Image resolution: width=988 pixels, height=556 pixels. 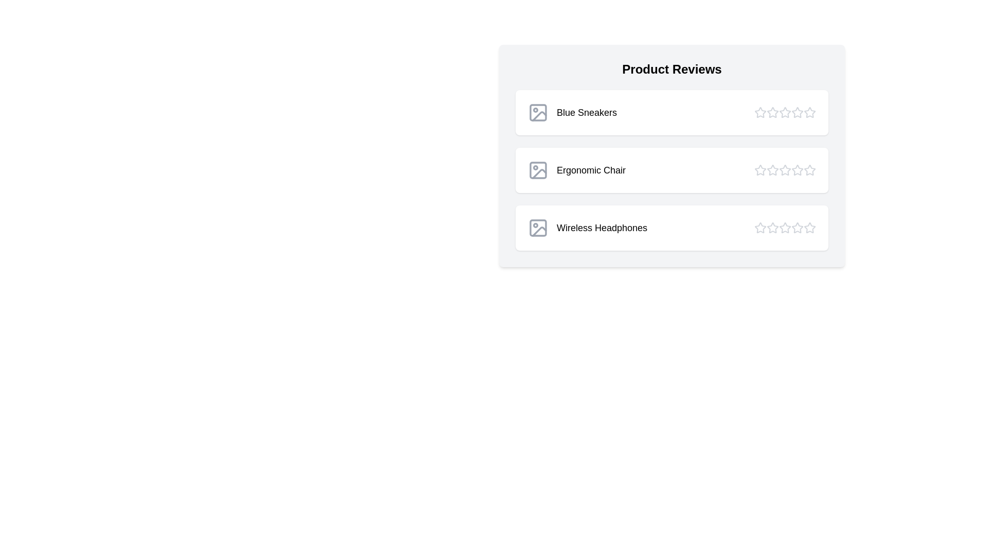 What do you see at coordinates (773, 113) in the screenshot?
I see `the star corresponding to 2 stars for the product Blue Sneakers` at bounding box center [773, 113].